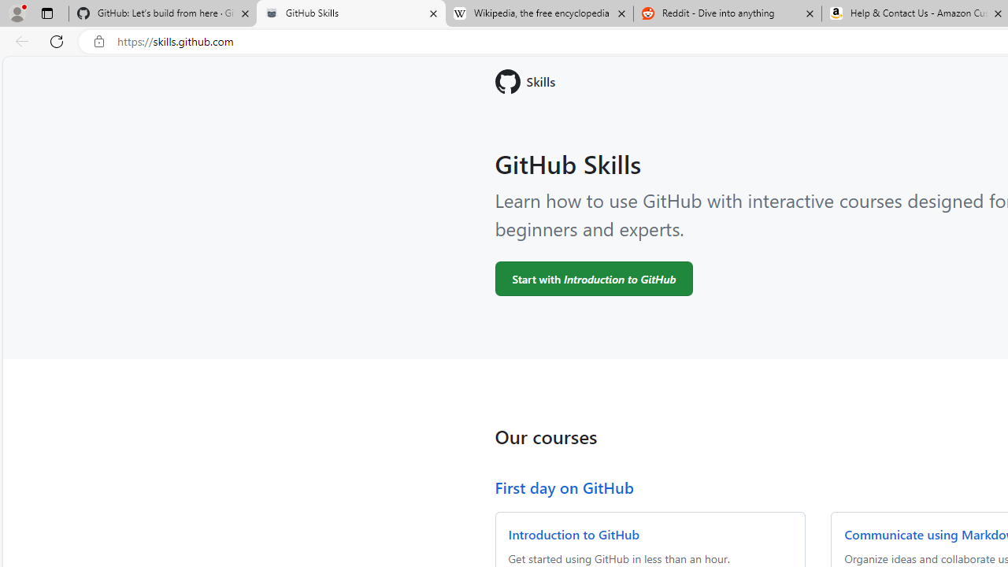 This screenshot has width=1008, height=567. Describe the element at coordinates (539, 13) in the screenshot. I see `'Wikipedia, the free encyclopedia'` at that location.